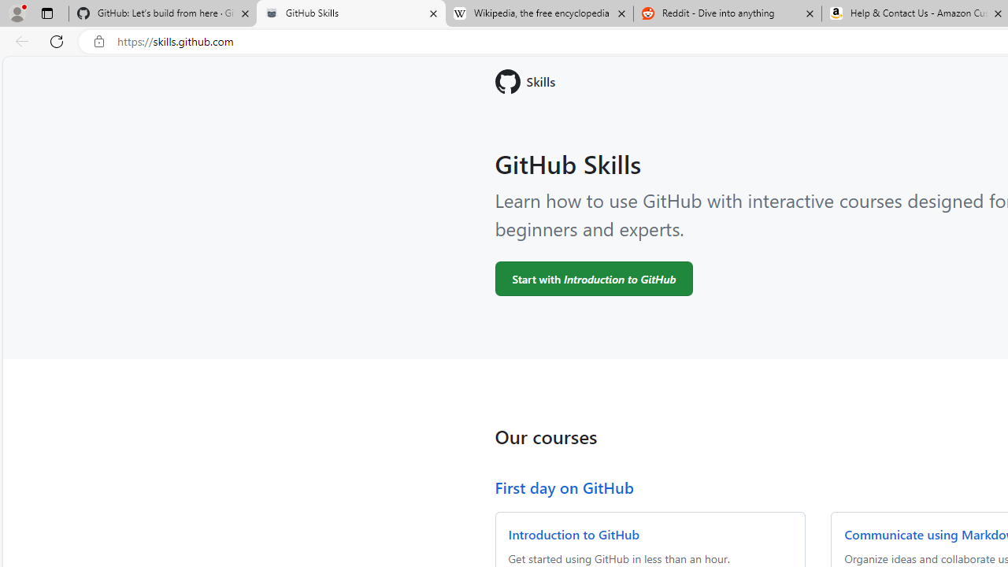 This screenshot has width=1008, height=567. Describe the element at coordinates (539, 13) in the screenshot. I see `'Wikipedia, the free encyclopedia'` at that location.